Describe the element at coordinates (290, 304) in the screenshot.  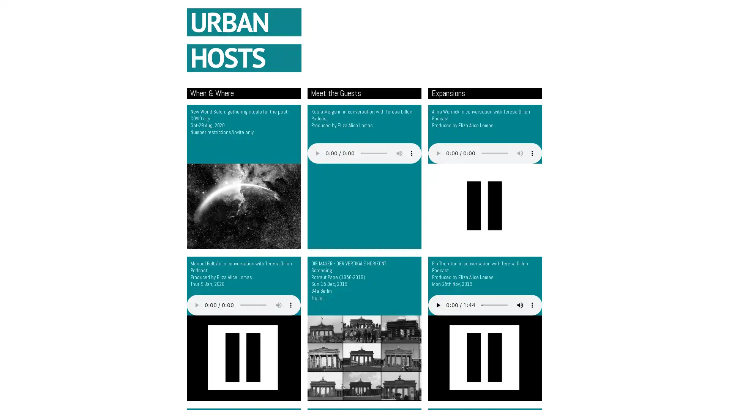
I see `show more media controls` at that location.